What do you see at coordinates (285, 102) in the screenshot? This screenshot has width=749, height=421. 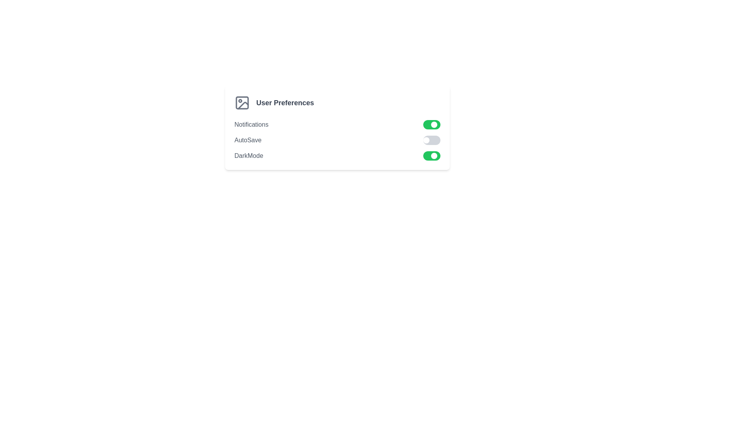 I see `the text label element that serves as a title or header for user-related settings, located to the right of an image icon in the top section of the settings module` at bounding box center [285, 102].